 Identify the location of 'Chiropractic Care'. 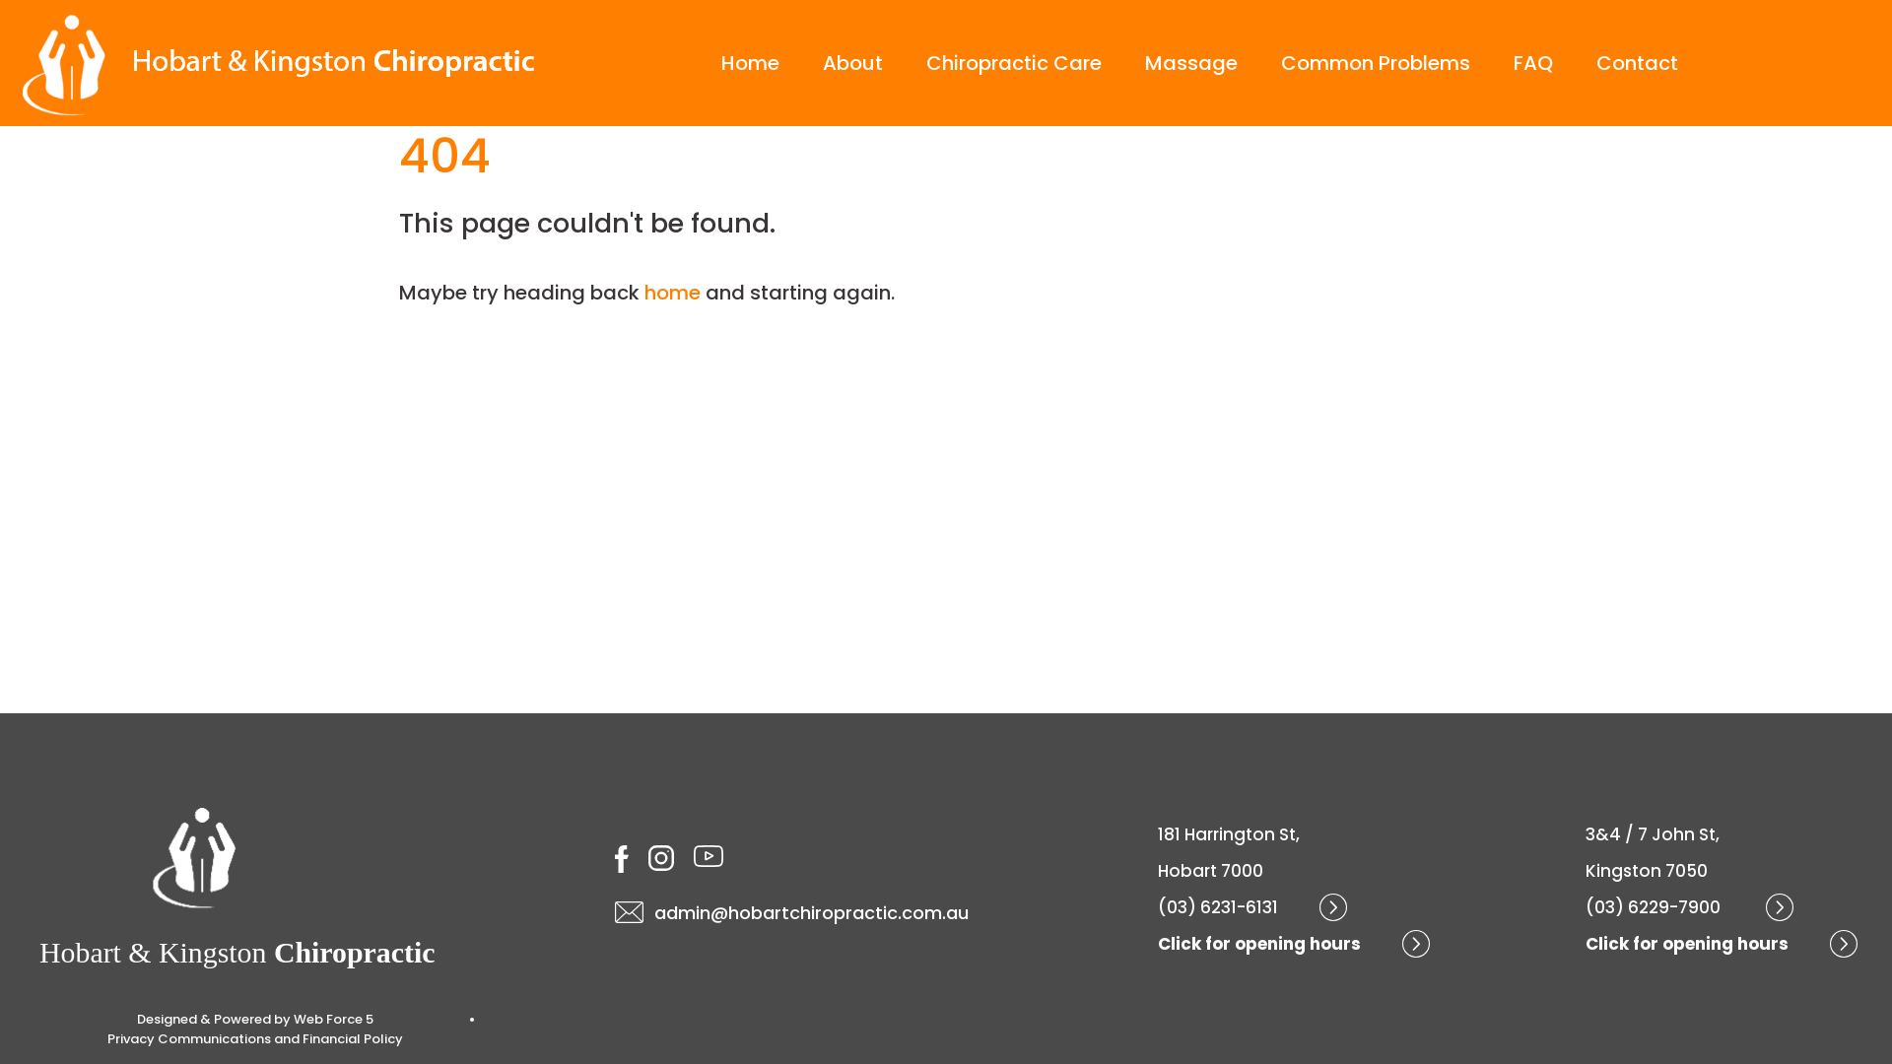
(1013, 62).